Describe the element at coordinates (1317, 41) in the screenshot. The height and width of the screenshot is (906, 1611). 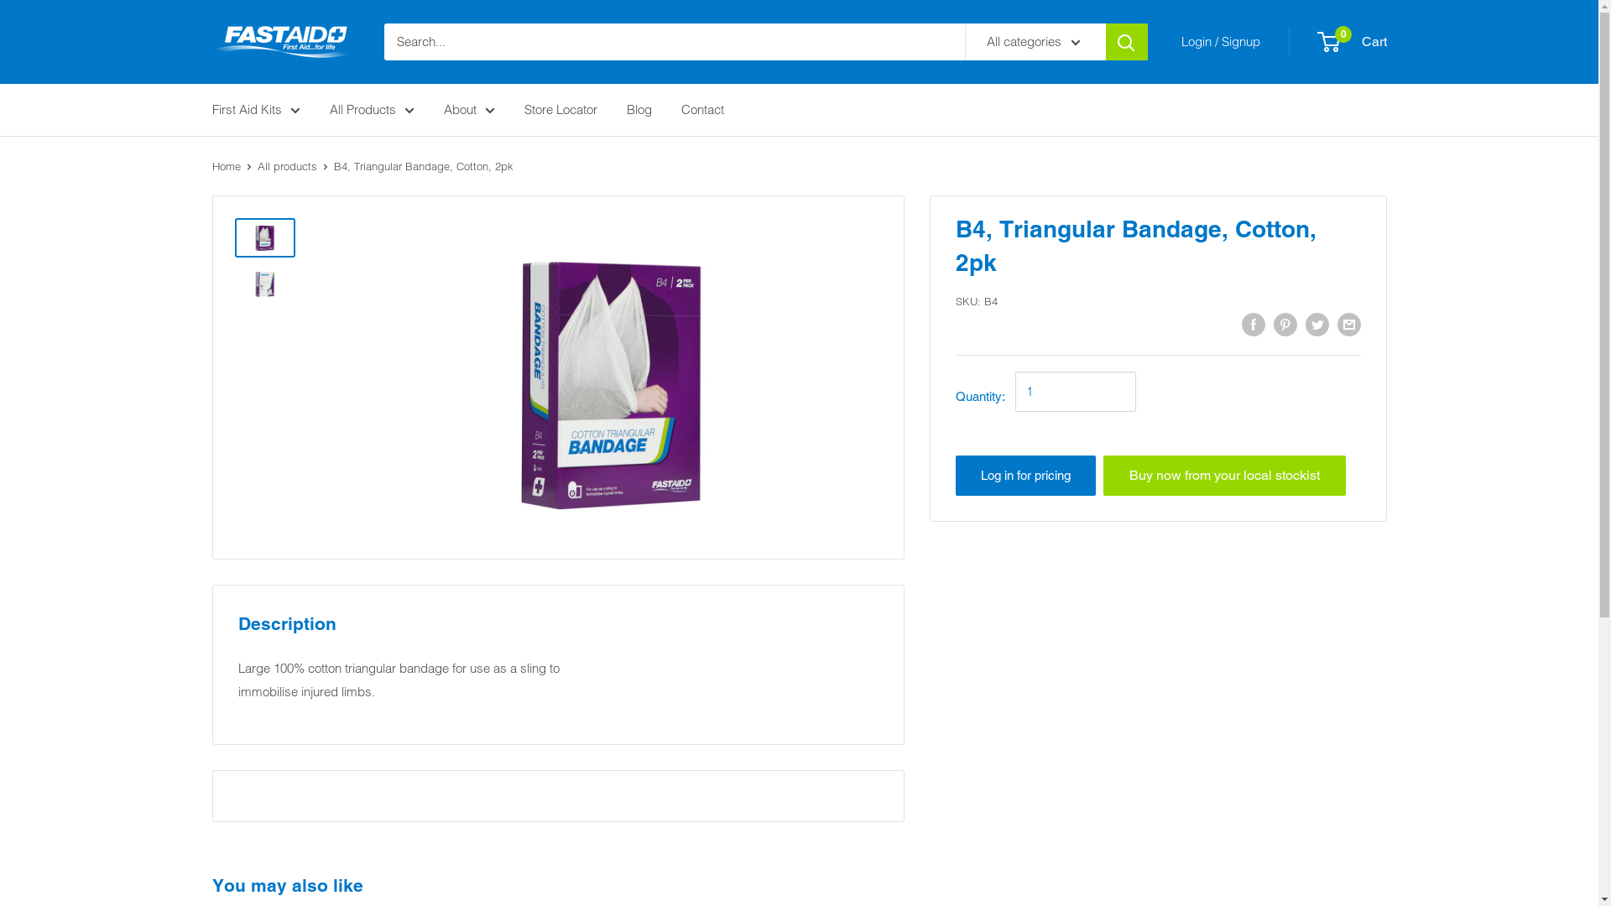
I see `'0` at that location.